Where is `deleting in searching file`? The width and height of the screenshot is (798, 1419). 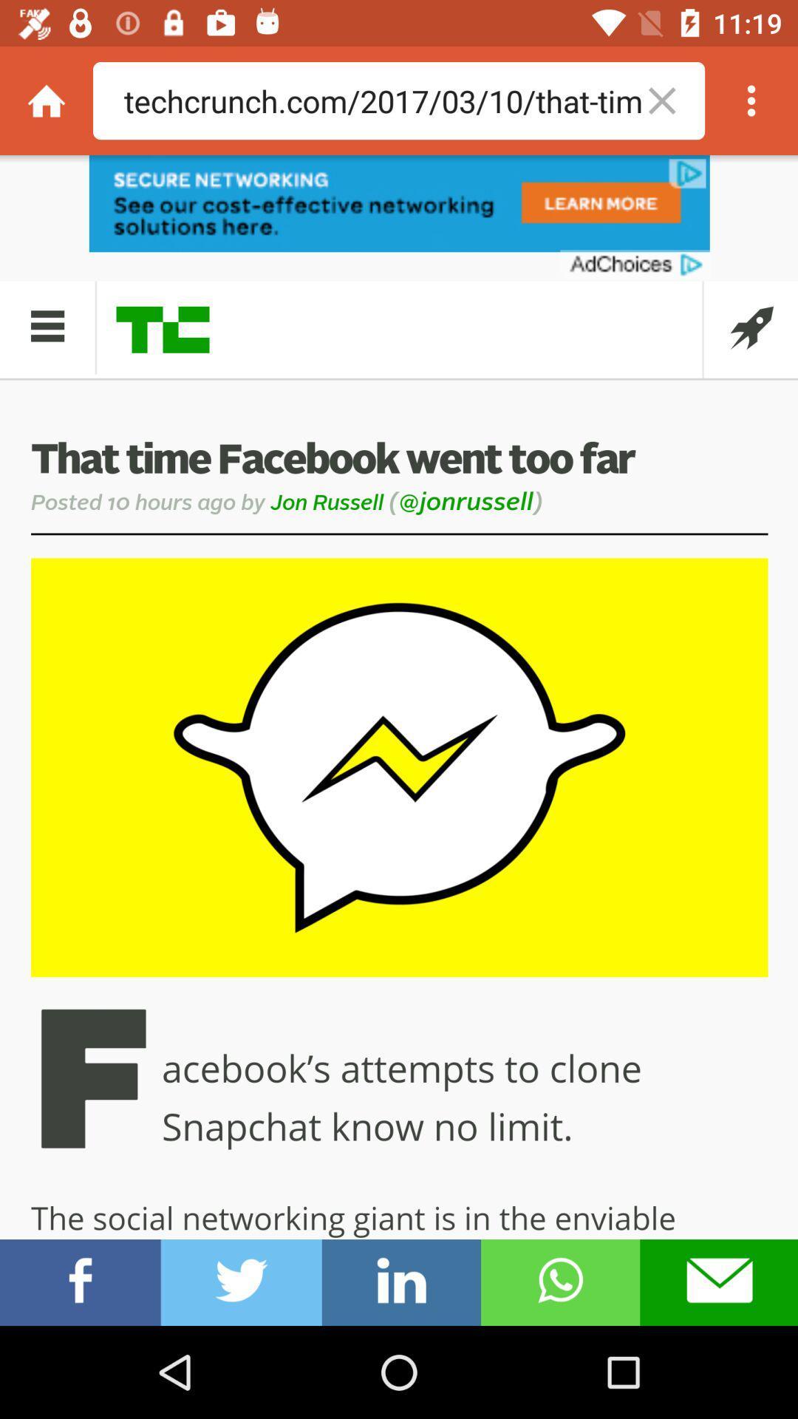
deleting in searching file is located at coordinates (751, 100).